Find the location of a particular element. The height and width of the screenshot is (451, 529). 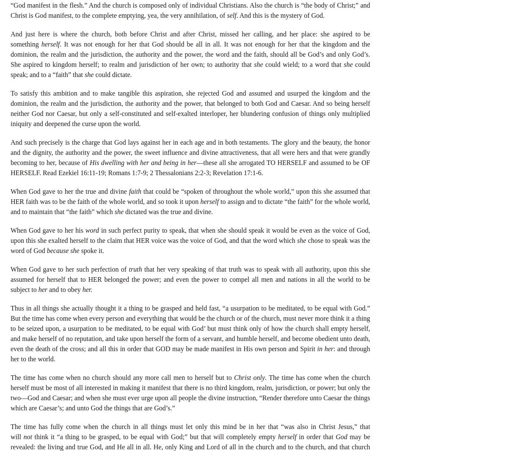

'To satisfy this ambition and to make tangible this aspiration, she rejected God and assumed and usurped the kingdom and the dominion, the realm and the jurisdiction, the authority and the power, that belonged to both God and Caesar. And so being herself neither God nor Caesar, but only a self-constituted and self-exalted interloper, her blundering confusion of things only multiplied iniquity and deepened the curse upon the world.' is located at coordinates (11, 107).